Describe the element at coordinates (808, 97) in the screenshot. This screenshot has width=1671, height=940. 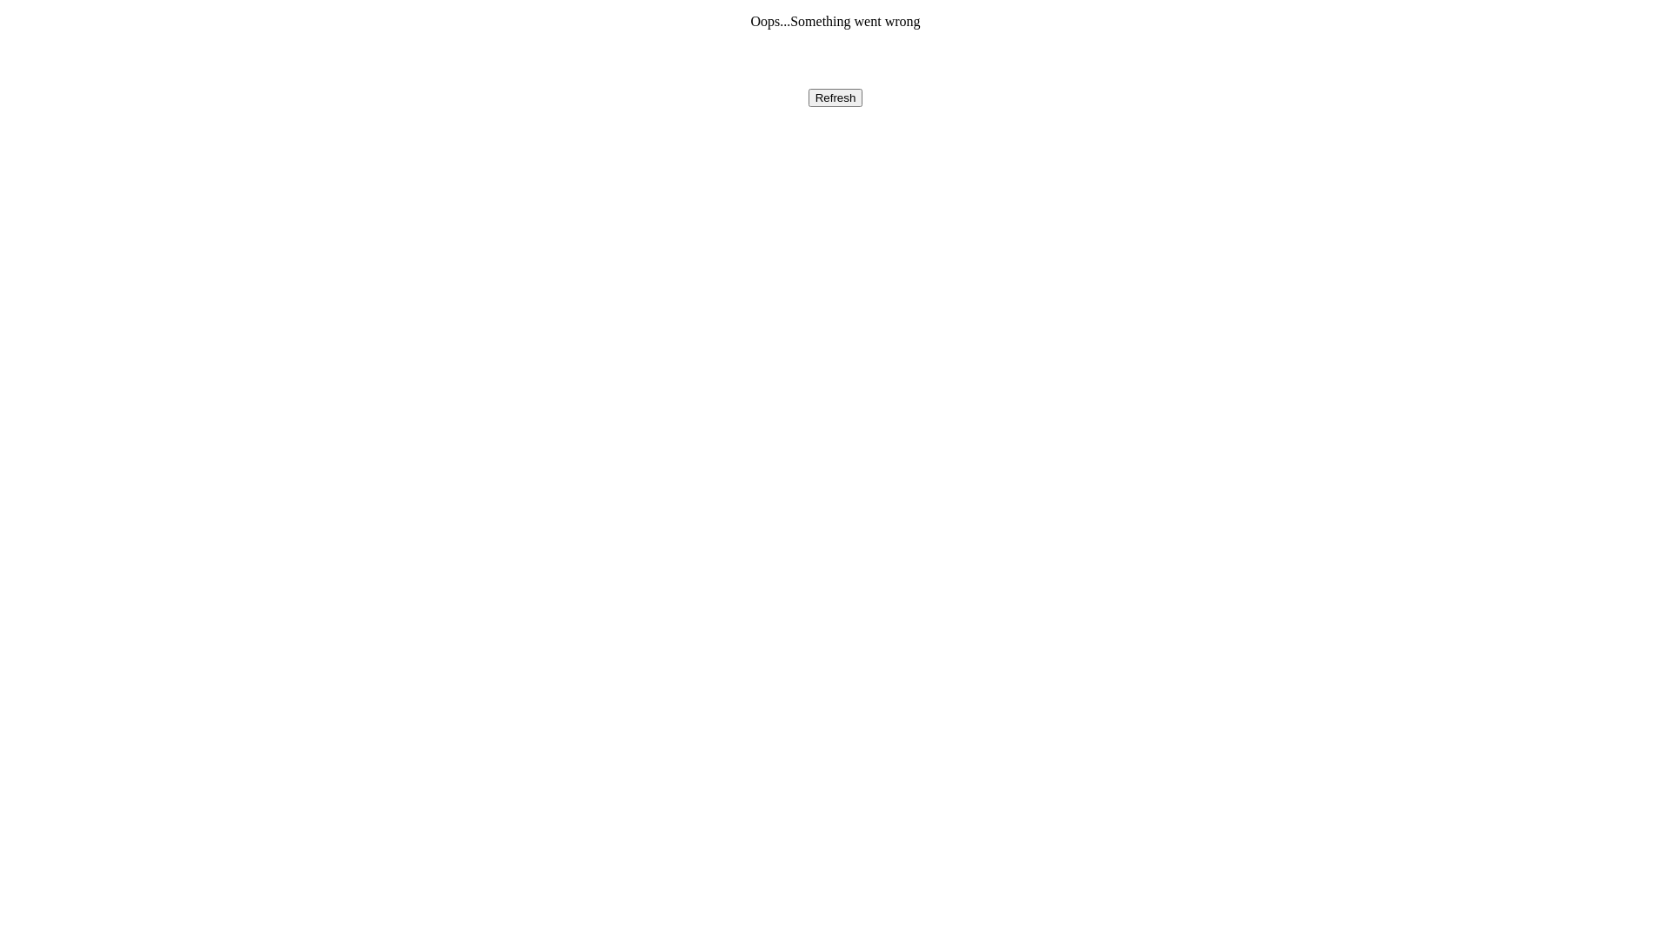
I see `'Refresh'` at that location.